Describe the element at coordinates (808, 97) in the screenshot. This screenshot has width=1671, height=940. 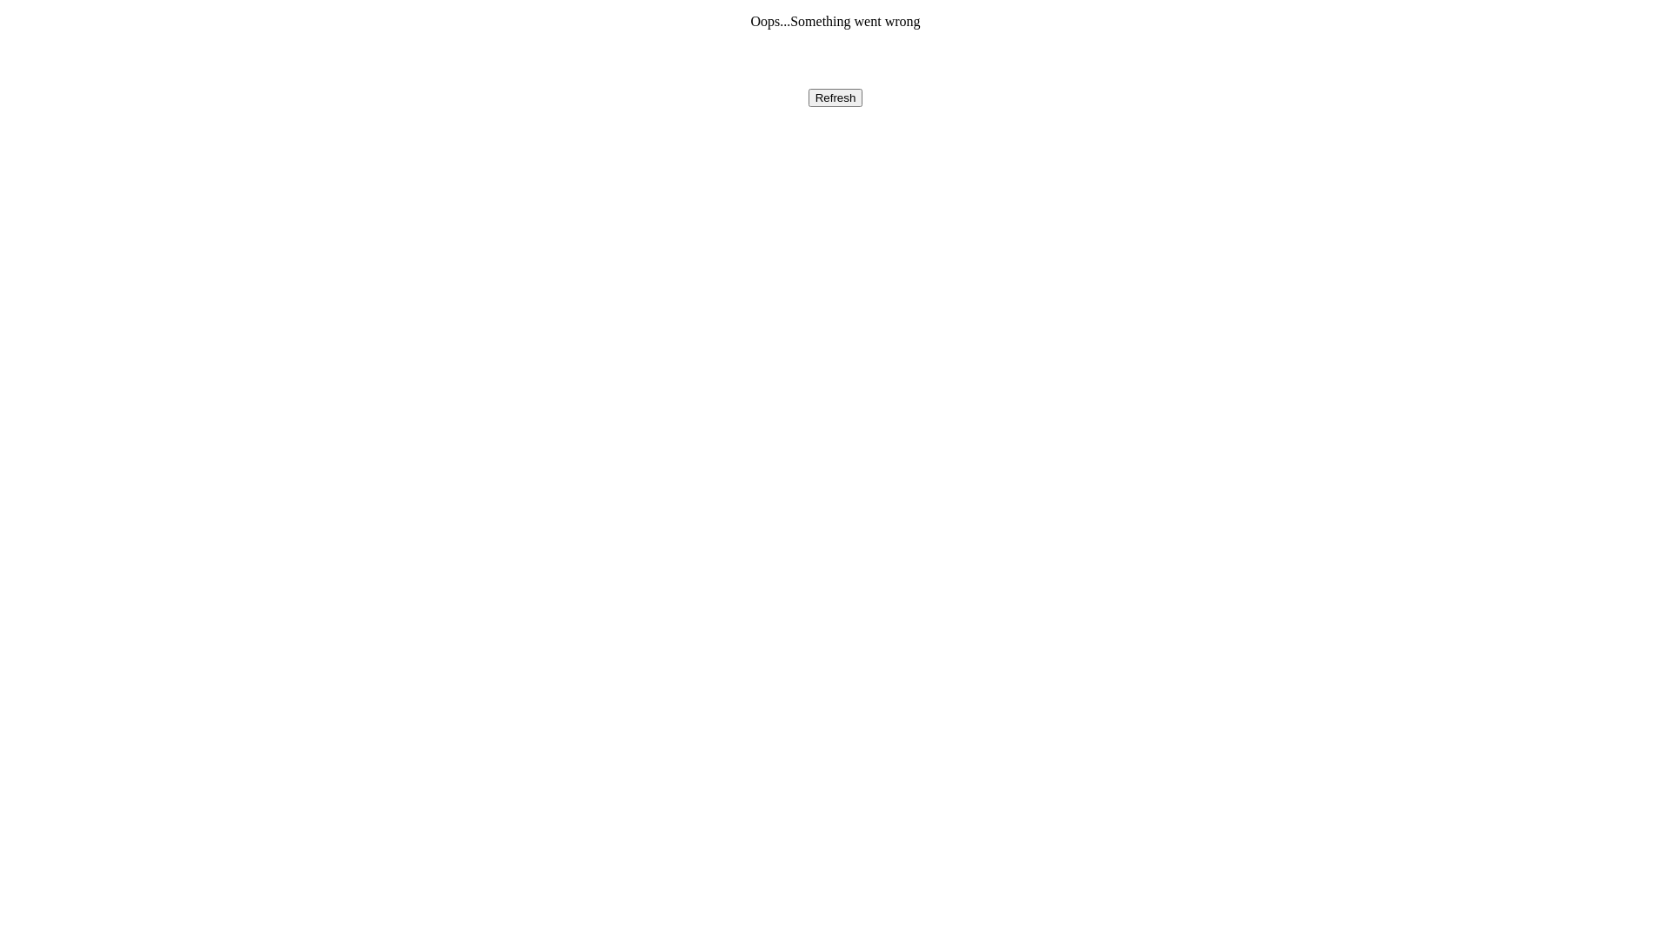
I see `'Refresh'` at that location.